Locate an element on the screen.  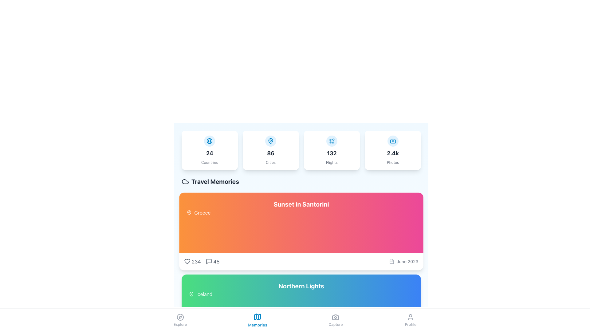
the interactive counter button displaying the speech bubble icon and the number '45' is located at coordinates (213, 261).